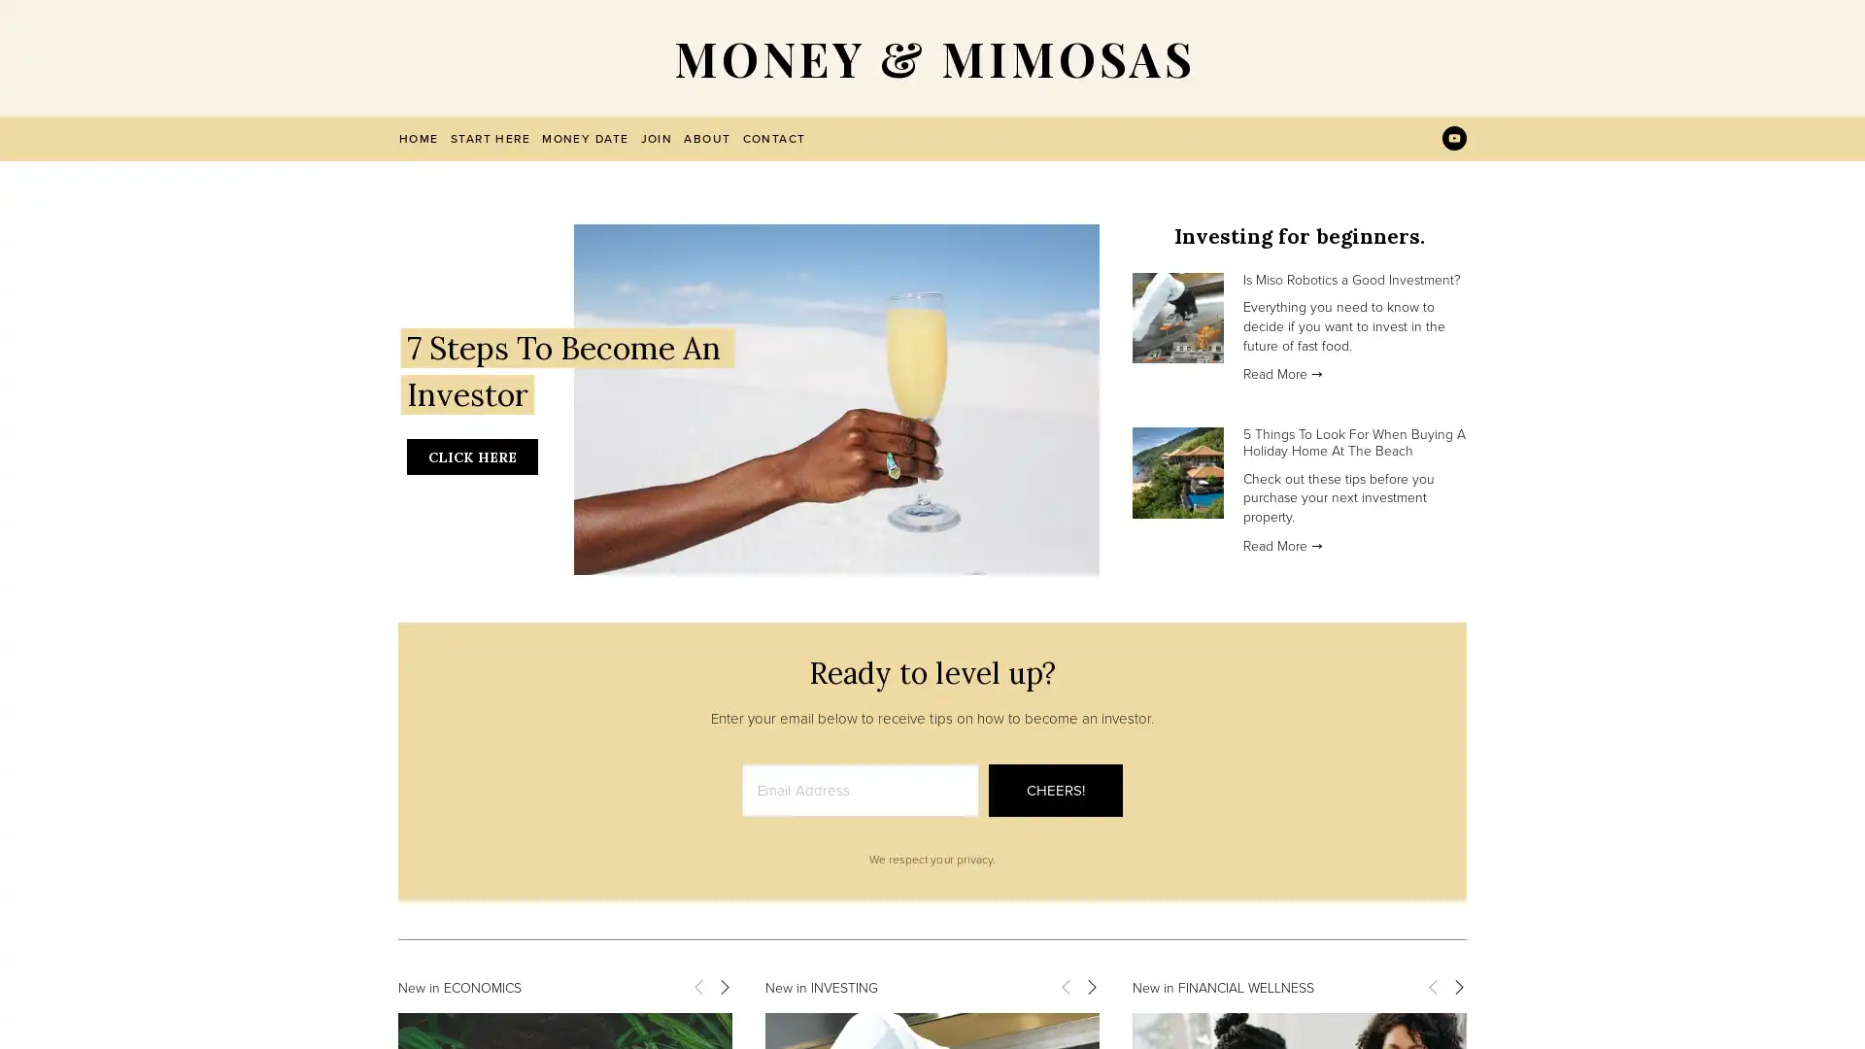  I want to click on Previous, so click(1432, 985).